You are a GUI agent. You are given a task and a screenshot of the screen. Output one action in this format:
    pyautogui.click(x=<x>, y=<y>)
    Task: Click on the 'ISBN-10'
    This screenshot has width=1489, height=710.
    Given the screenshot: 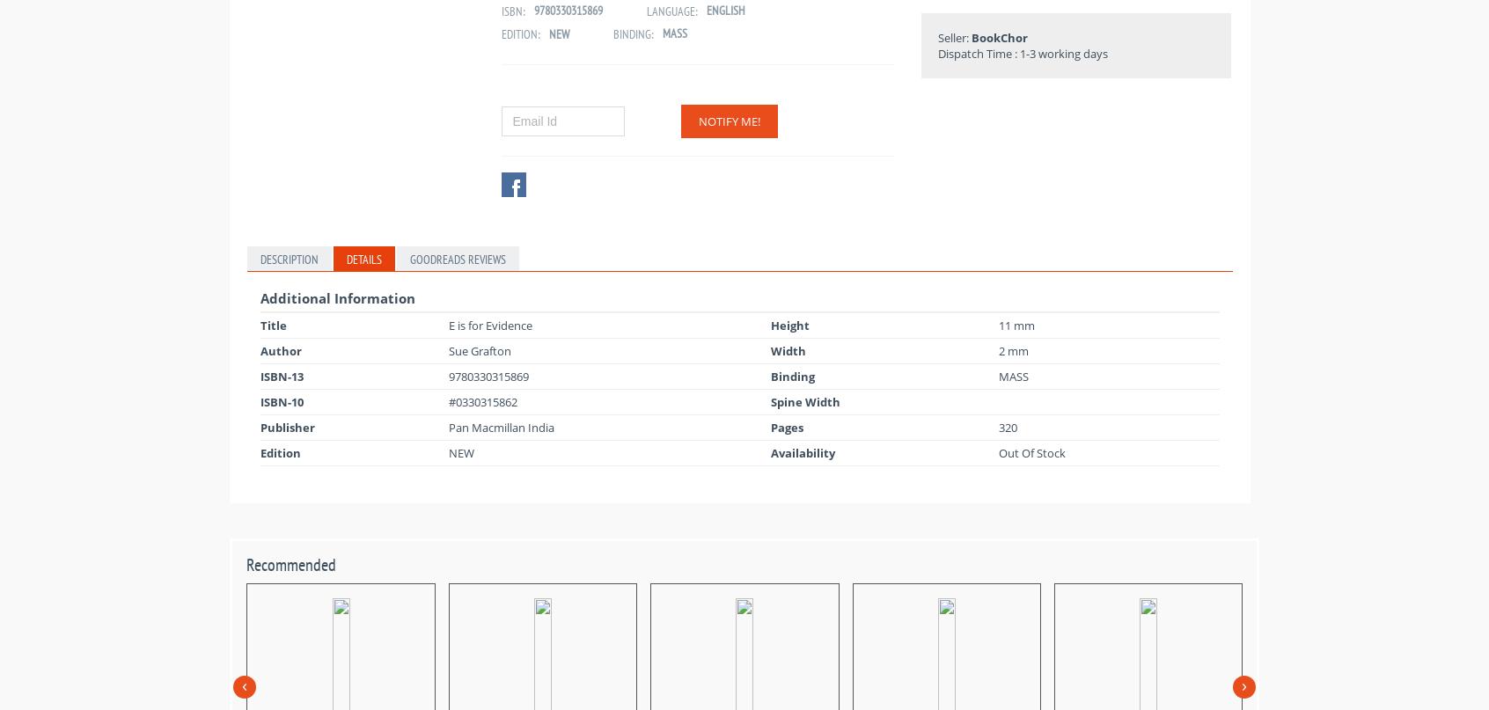 What is the action you would take?
    pyautogui.click(x=281, y=401)
    